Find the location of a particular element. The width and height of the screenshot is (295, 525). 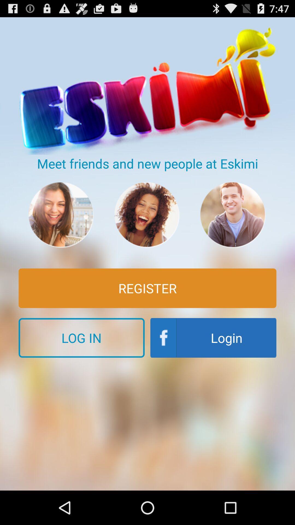

login is located at coordinates (213, 337).